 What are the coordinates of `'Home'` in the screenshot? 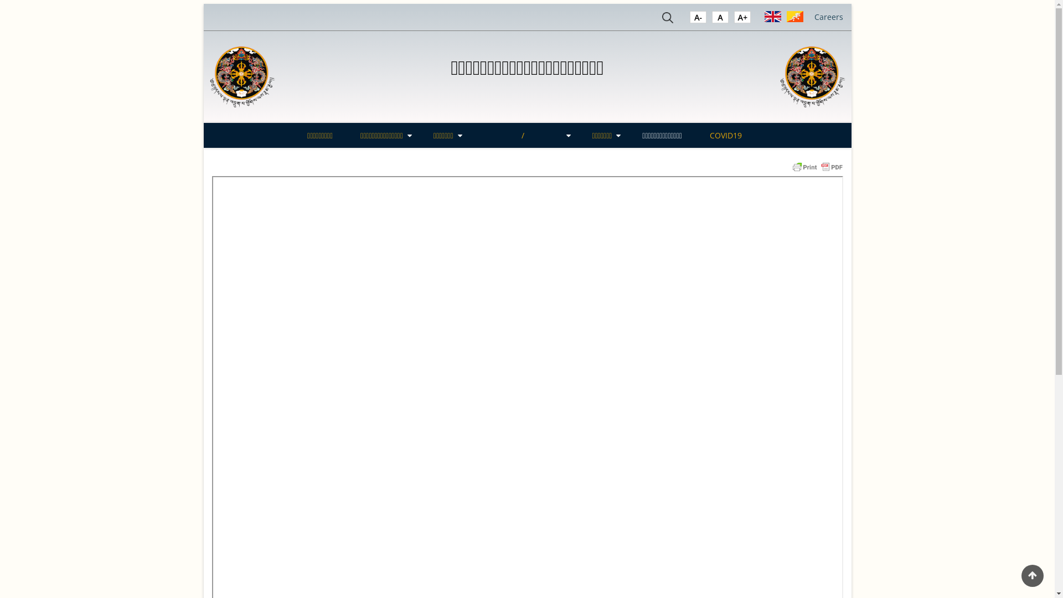 It's located at (241, 76).